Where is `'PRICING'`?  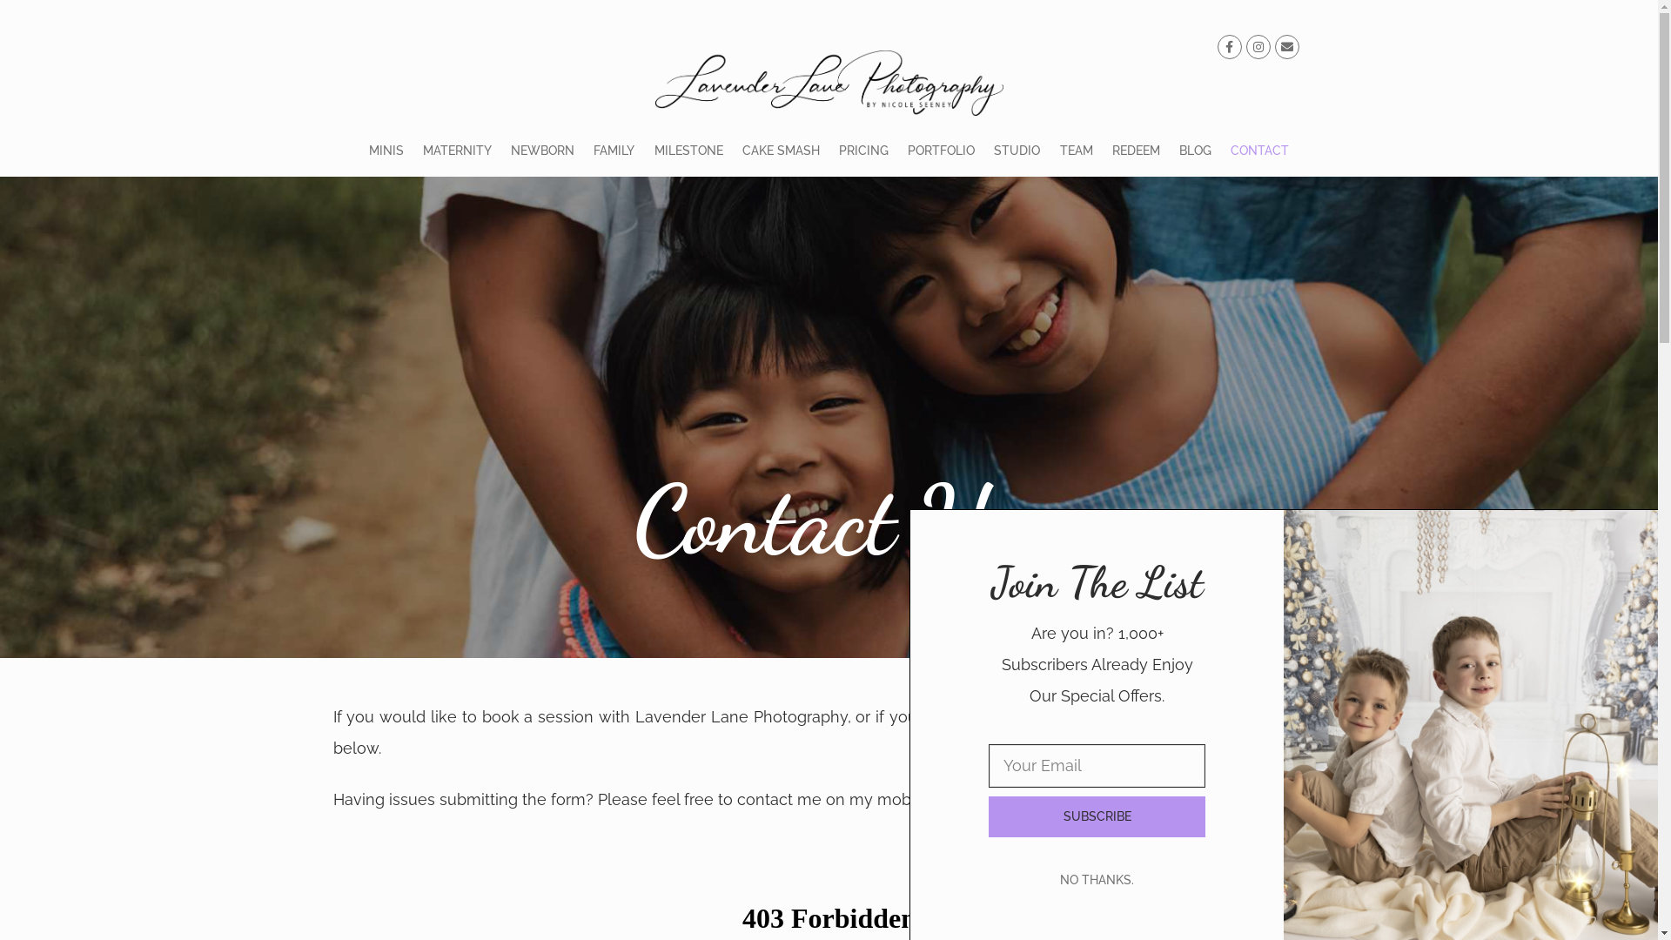
'PRICING' is located at coordinates (863, 150).